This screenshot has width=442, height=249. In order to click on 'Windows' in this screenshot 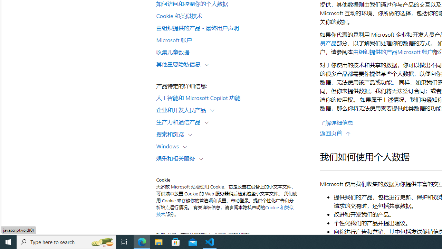, I will do `click(169, 145)`.